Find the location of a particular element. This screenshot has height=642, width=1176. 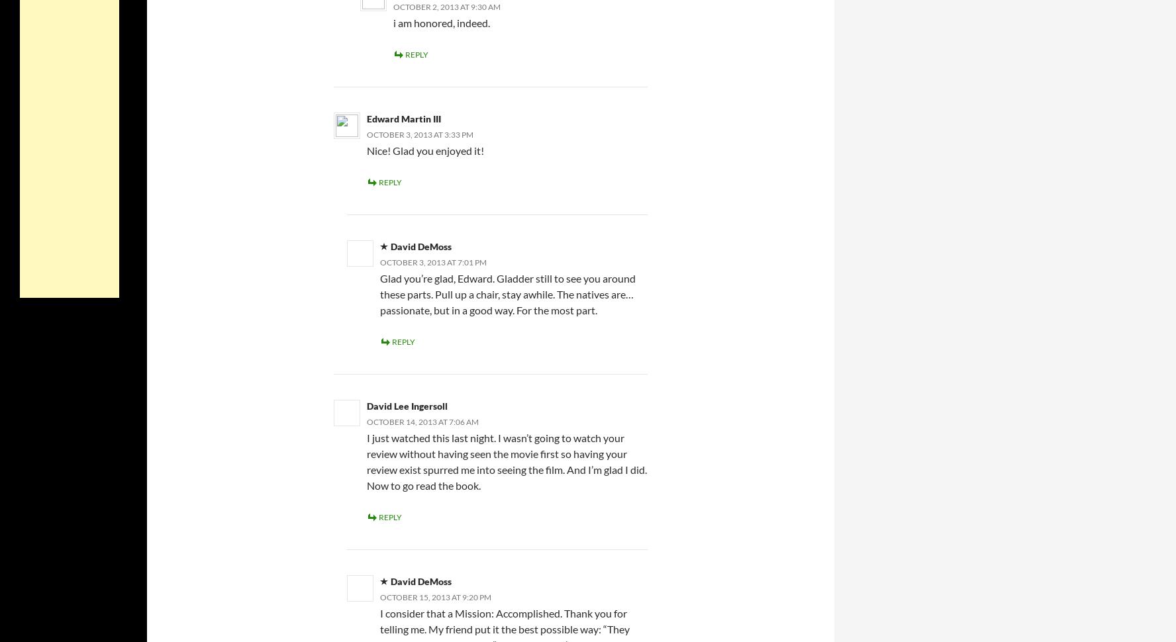

'Edward Martin III' is located at coordinates (403, 117).